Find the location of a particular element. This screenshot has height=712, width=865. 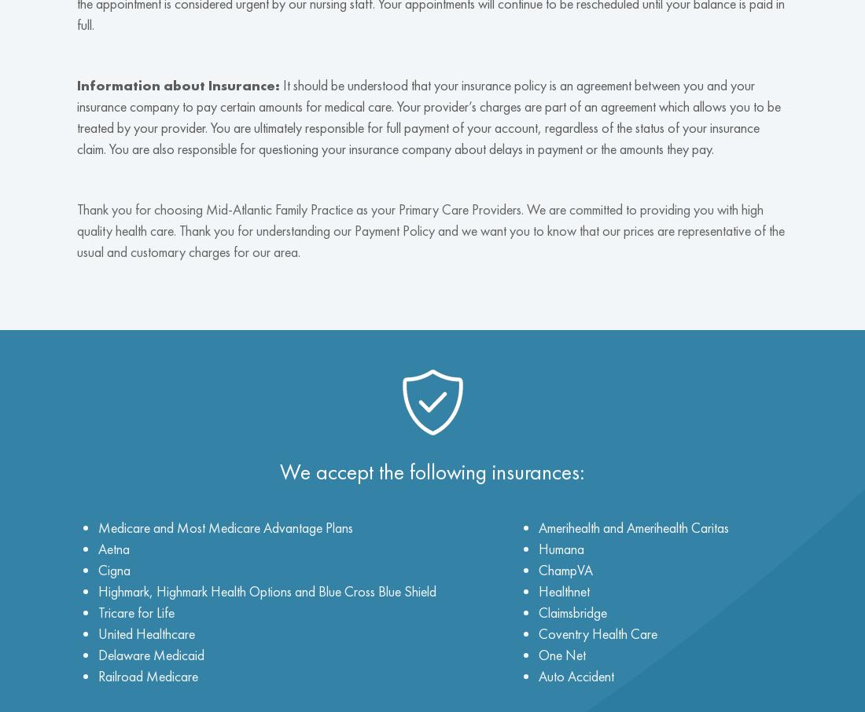

'Highmark, Highmark Health Options and Blue Cross Blue Shield' is located at coordinates (98, 589).